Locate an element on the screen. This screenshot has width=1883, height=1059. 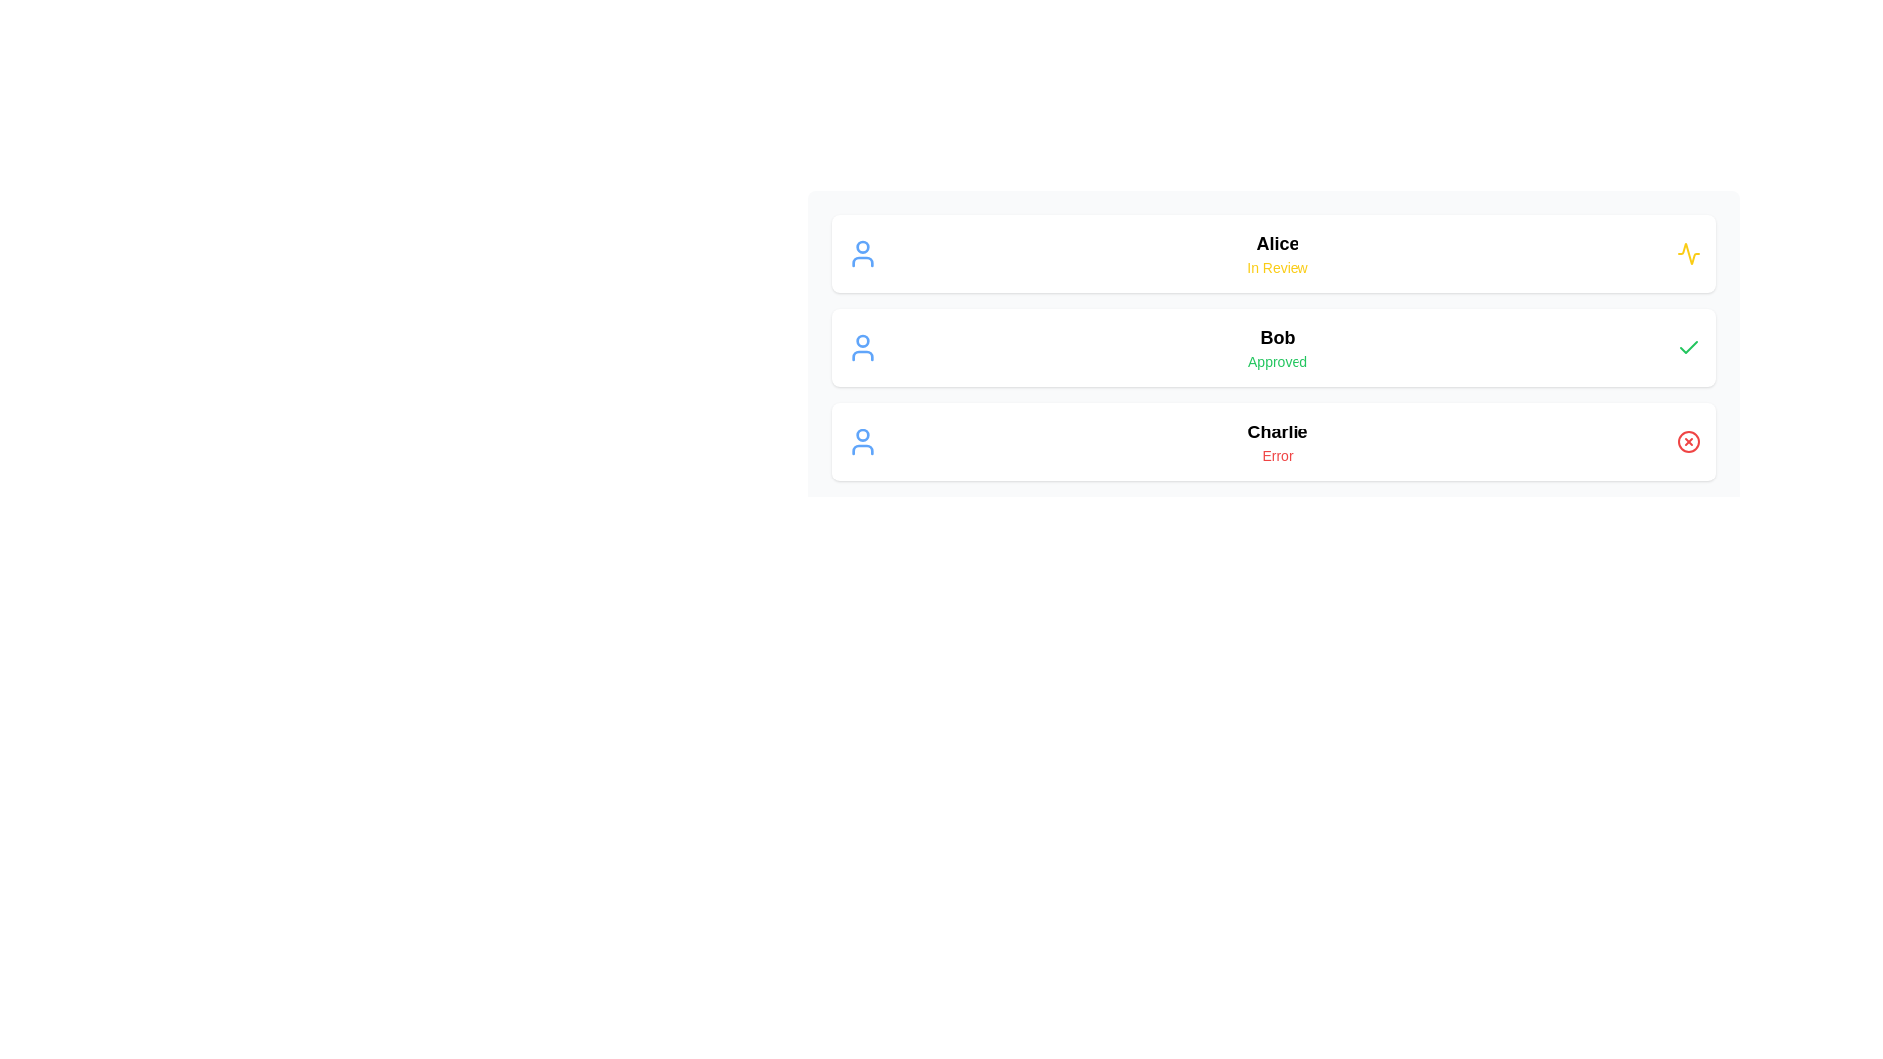
the green text label reading 'Approved' which is positioned below the bolded name 'Bob' in the second row of a vertical list is located at coordinates (1277, 362).